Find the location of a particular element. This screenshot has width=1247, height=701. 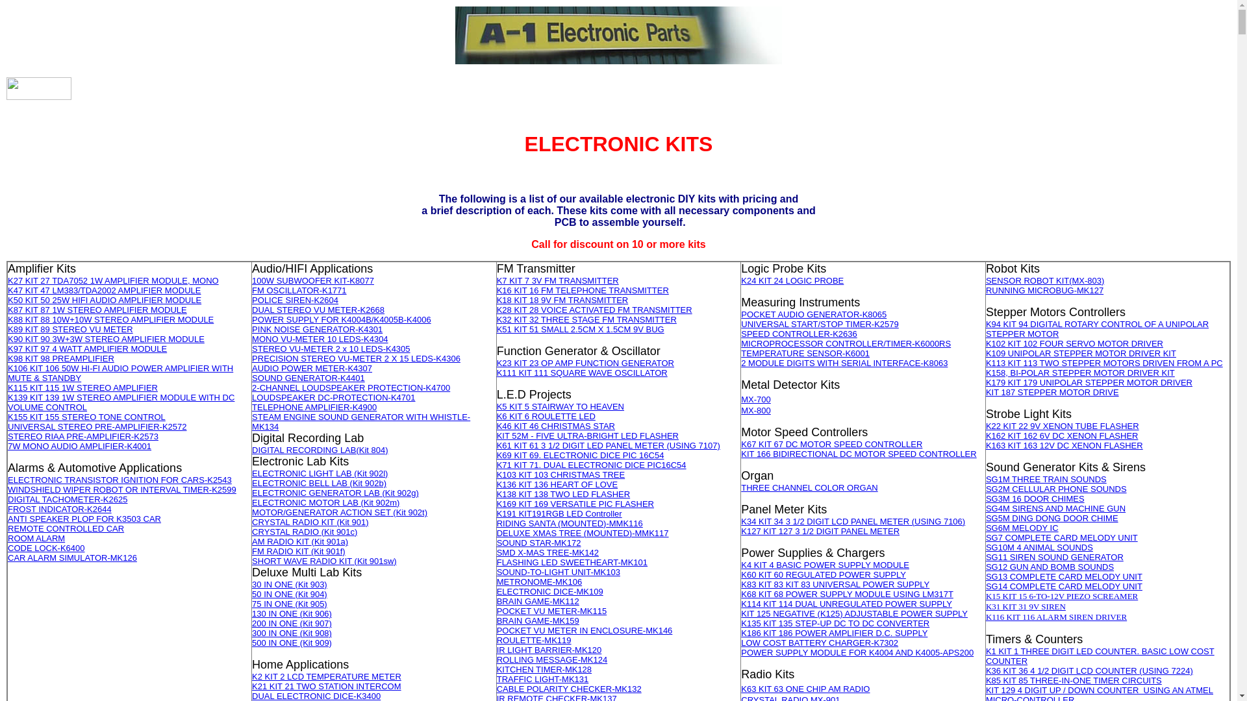

'K23 KIT 23 OP AMP FUNCTION GENERATOR' is located at coordinates (585, 363).